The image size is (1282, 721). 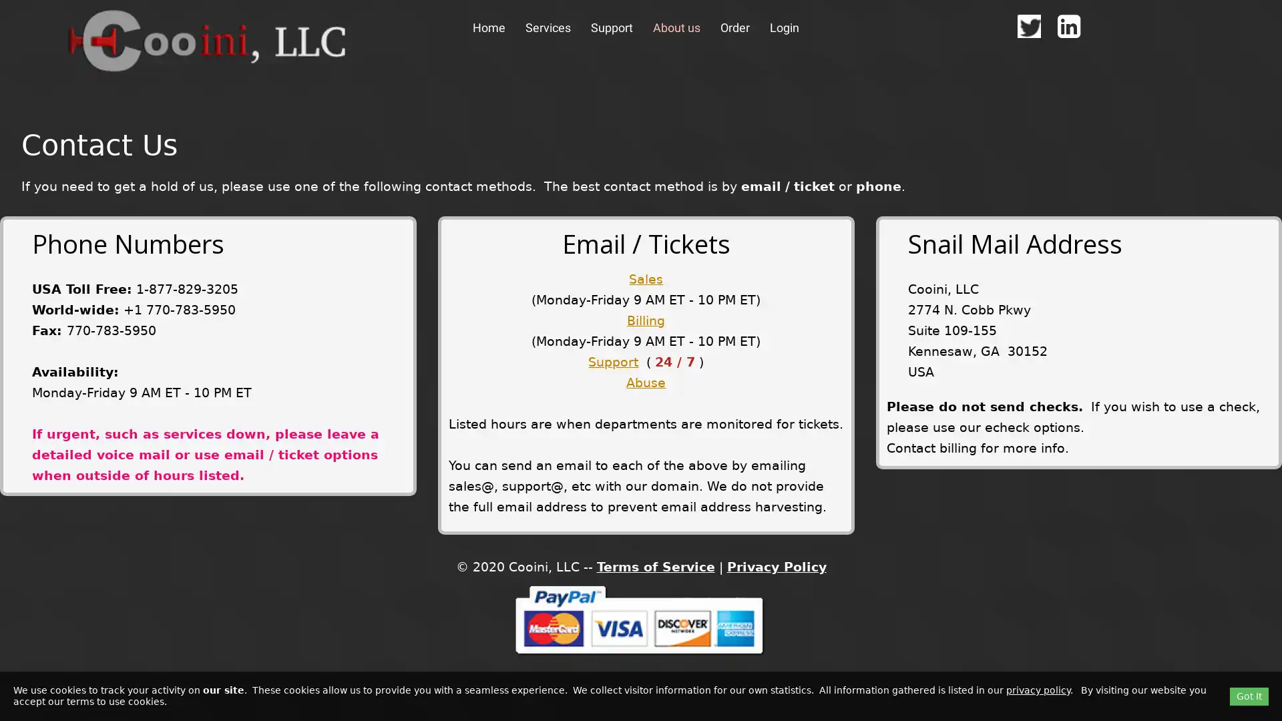 What do you see at coordinates (1249, 695) in the screenshot?
I see `Got It` at bounding box center [1249, 695].